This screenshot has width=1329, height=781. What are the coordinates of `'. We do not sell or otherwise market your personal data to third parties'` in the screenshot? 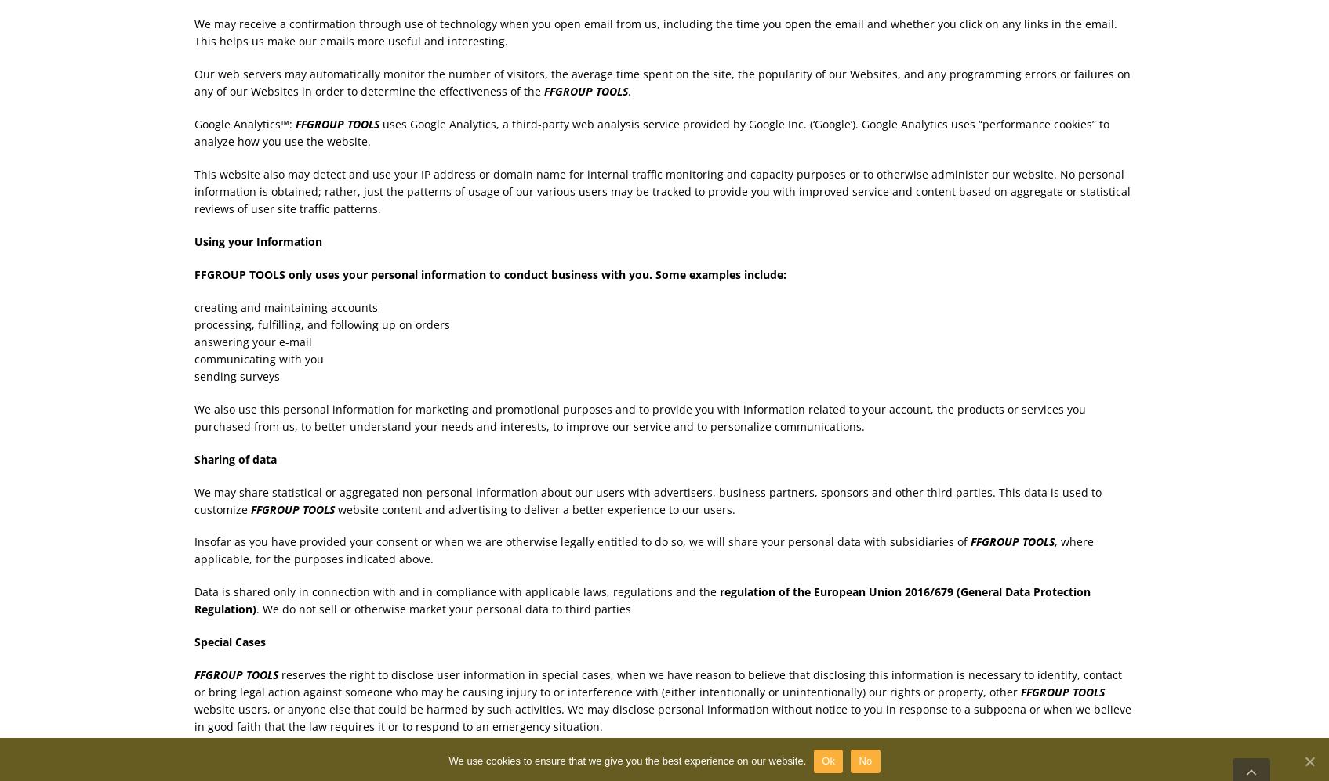 It's located at (255, 608).